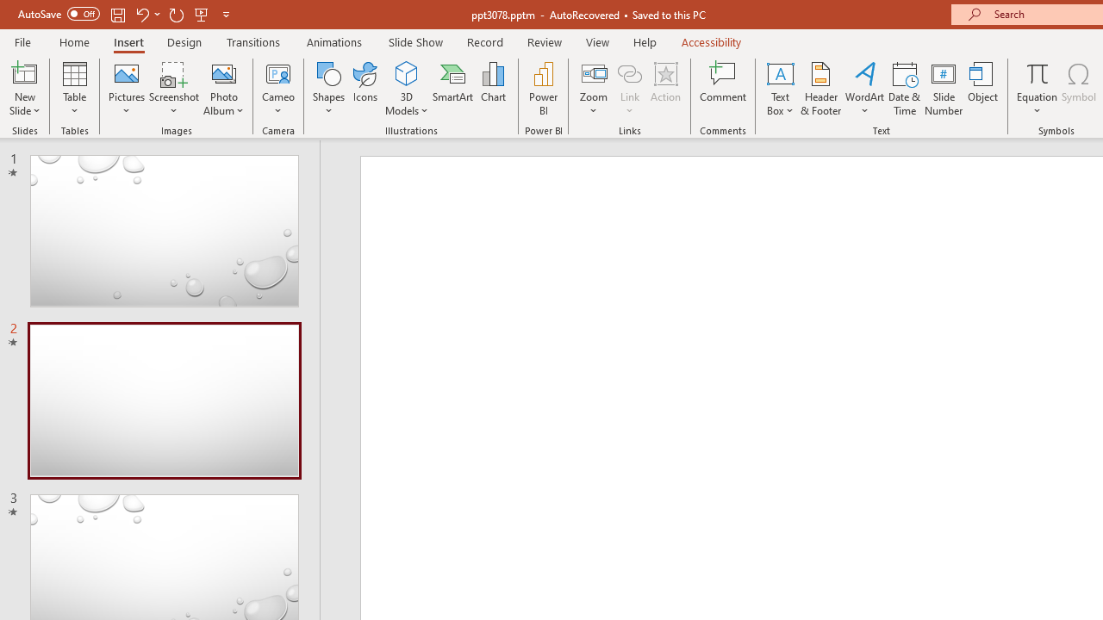 This screenshot has height=620, width=1103. I want to click on 'Power BI', so click(543, 89).